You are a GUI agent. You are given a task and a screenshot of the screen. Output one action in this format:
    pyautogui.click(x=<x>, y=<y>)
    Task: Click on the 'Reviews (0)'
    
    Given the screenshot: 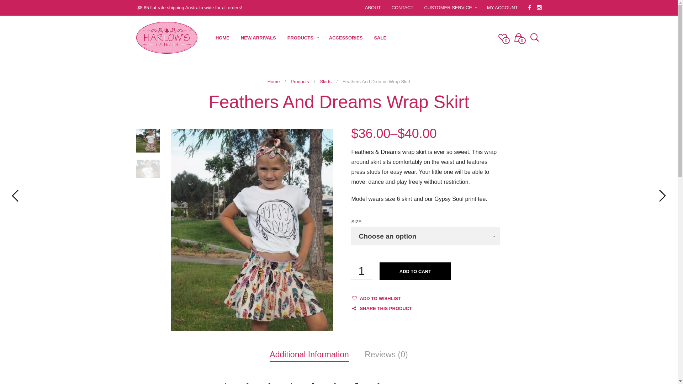 What is the action you would take?
    pyautogui.click(x=386, y=354)
    